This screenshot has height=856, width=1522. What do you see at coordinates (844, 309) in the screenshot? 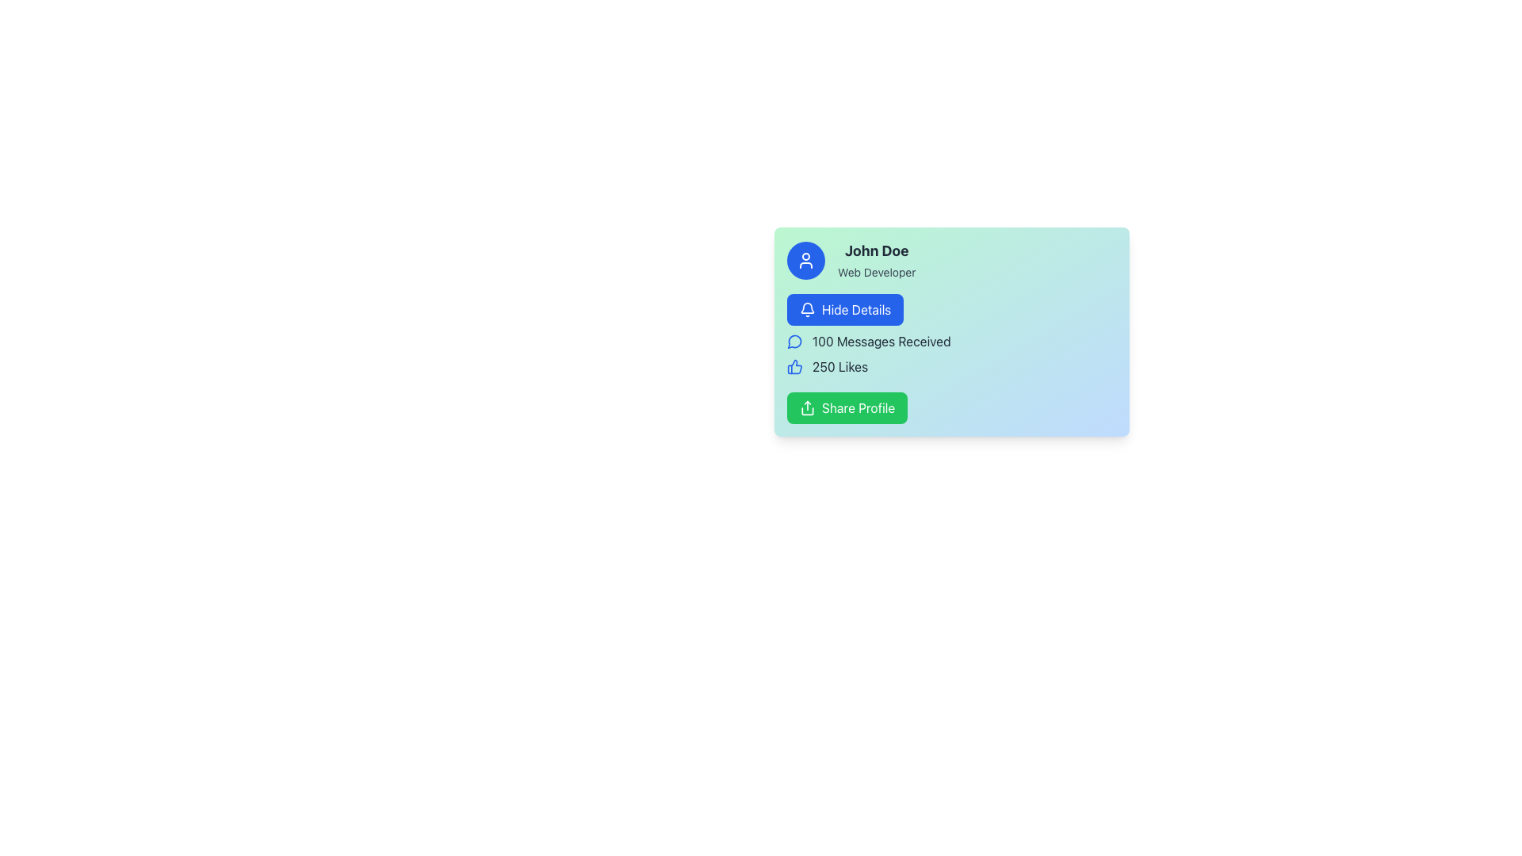
I see `the blue 'Hide Details' button with white text and a bell icon` at bounding box center [844, 309].